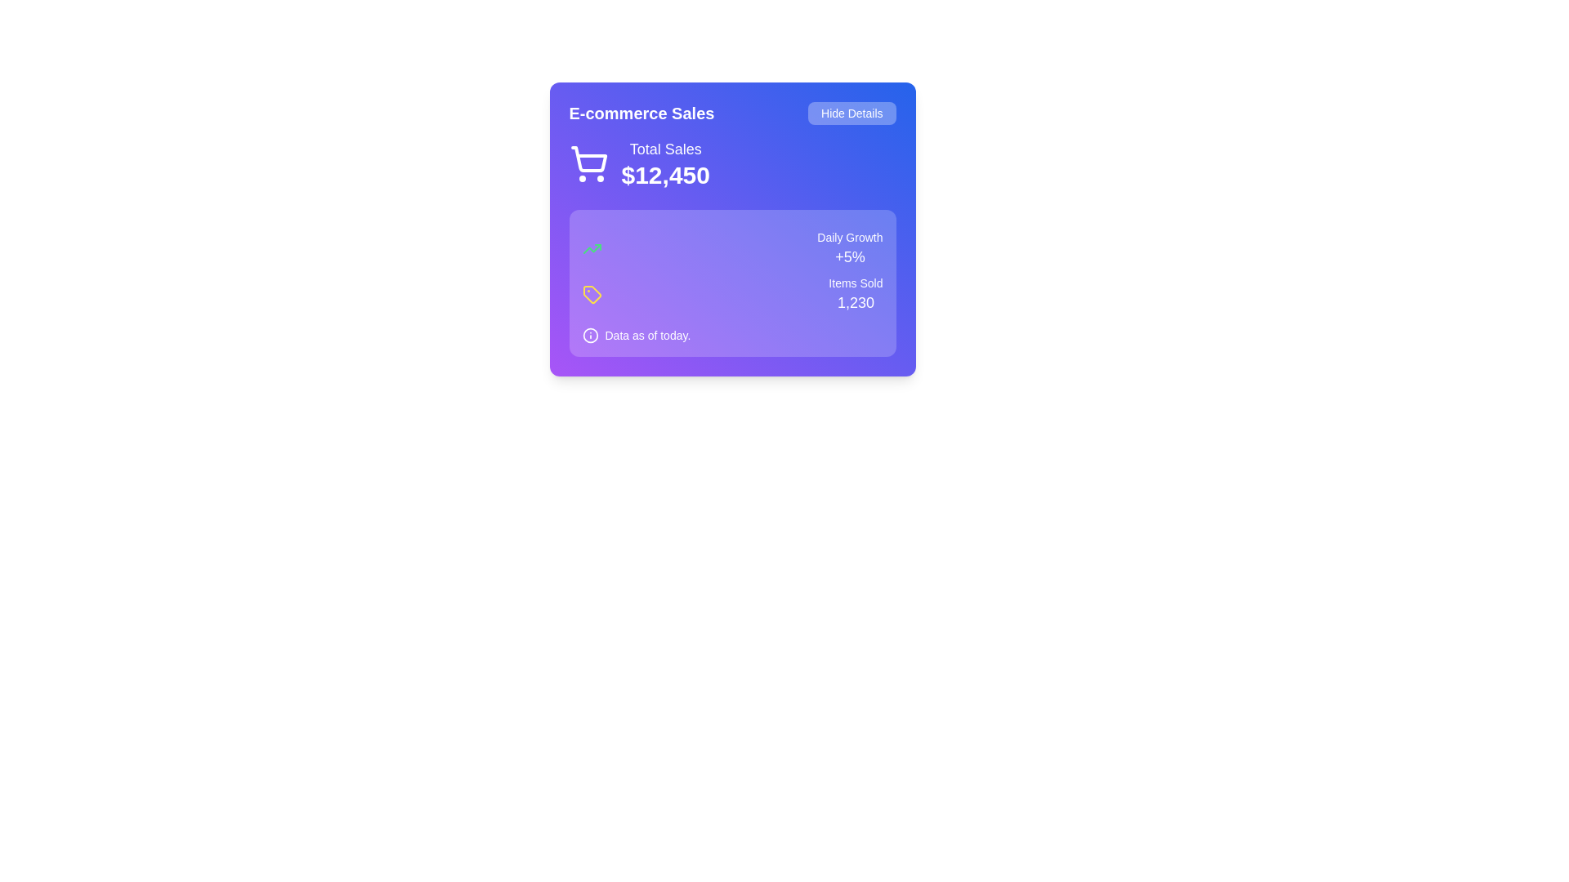 This screenshot has width=1569, height=882. What do you see at coordinates (589, 335) in the screenshot?
I see `the information/help icon located to the left of the text 'Data as of today.' in the lower section of a light purple background panel` at bounding box center [589, 335].